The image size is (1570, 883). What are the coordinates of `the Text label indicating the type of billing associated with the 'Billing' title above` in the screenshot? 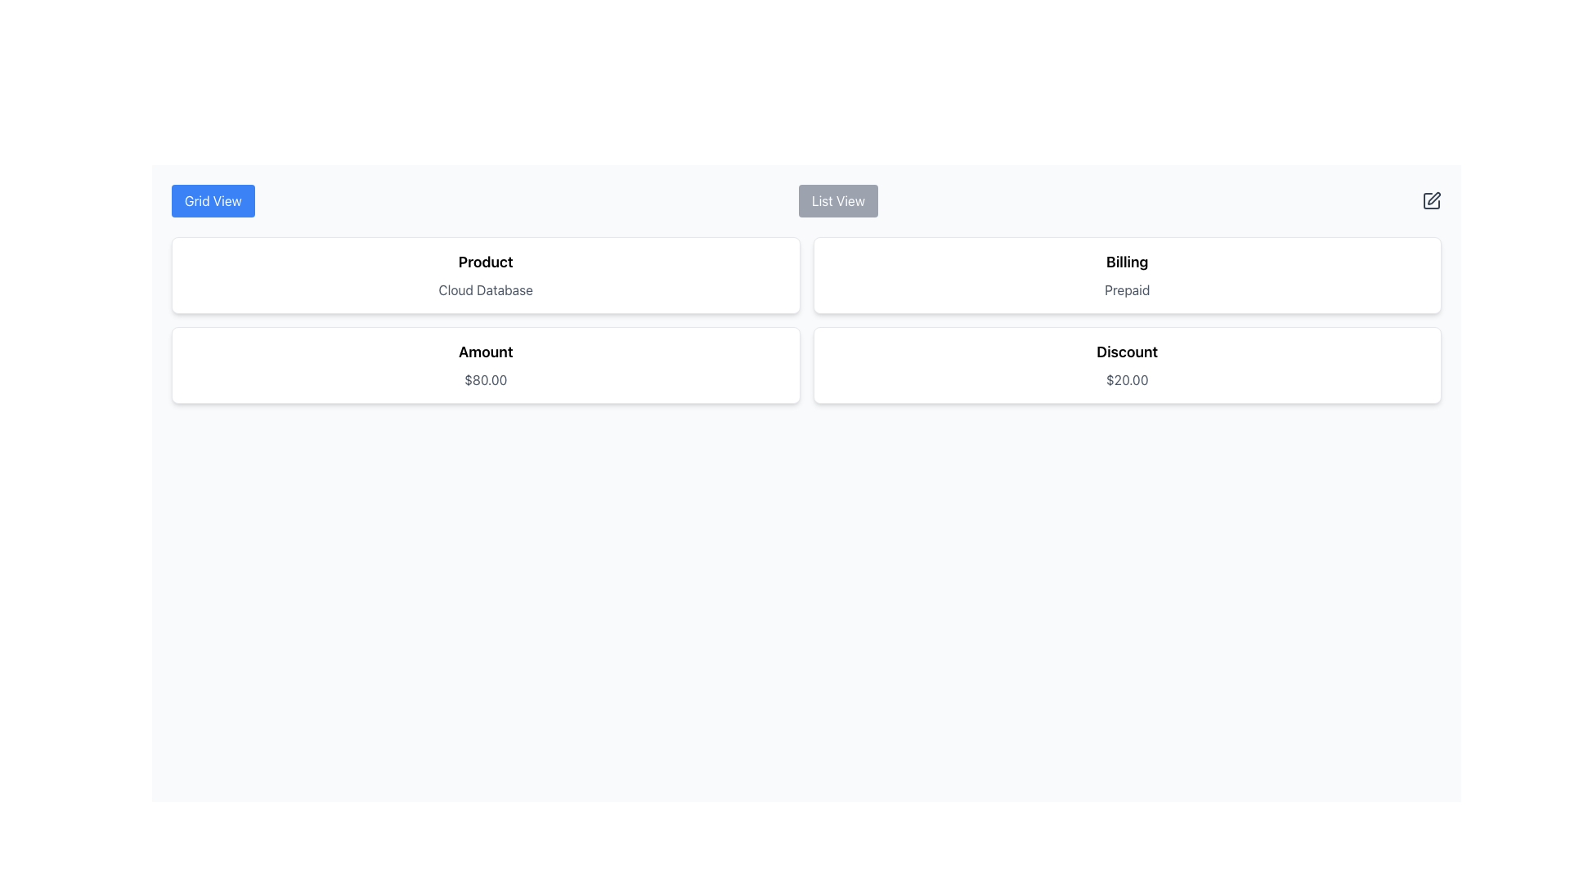 It's located at (1126, 289).